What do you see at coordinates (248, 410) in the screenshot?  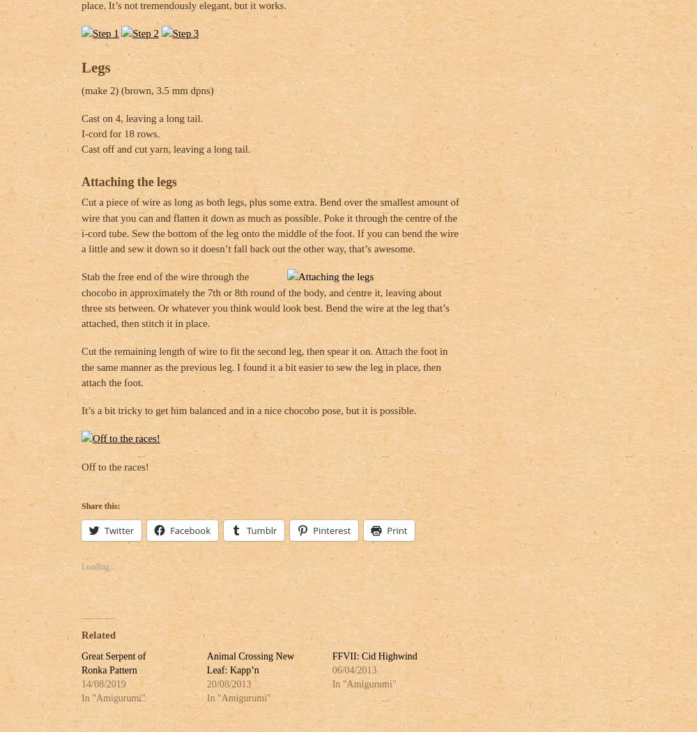 I see `'It’s a bit tricky to get him balanced and in a nice chocobo pose, but it is possible.'` at bounding box center [248, 410].